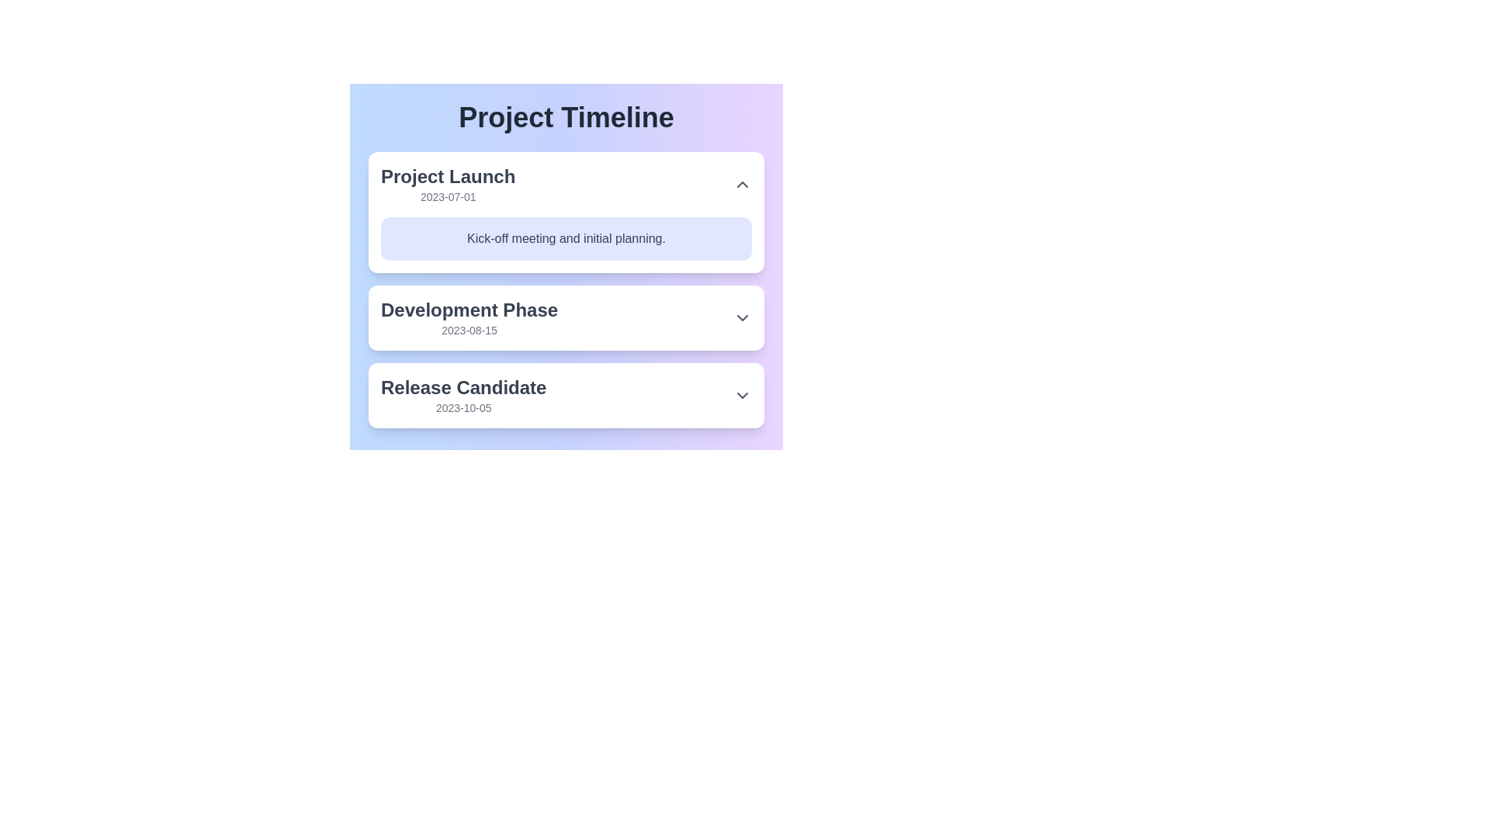 Image resolution: width=1490 pixels, height=838 pixels. Describe the element at coordinates (565, 239) in the screenshot. I see `the text label displaying 'Kick-off meeting and initial planning.' in the Project Launch section of the timeline interface` at that location.